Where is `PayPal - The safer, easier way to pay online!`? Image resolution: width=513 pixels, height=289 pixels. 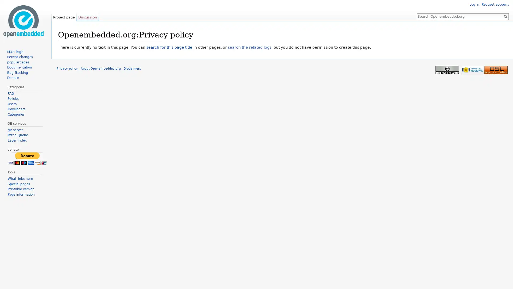 PayPal - The safer, easier way to pay online! is located at coordinates (27, 158).